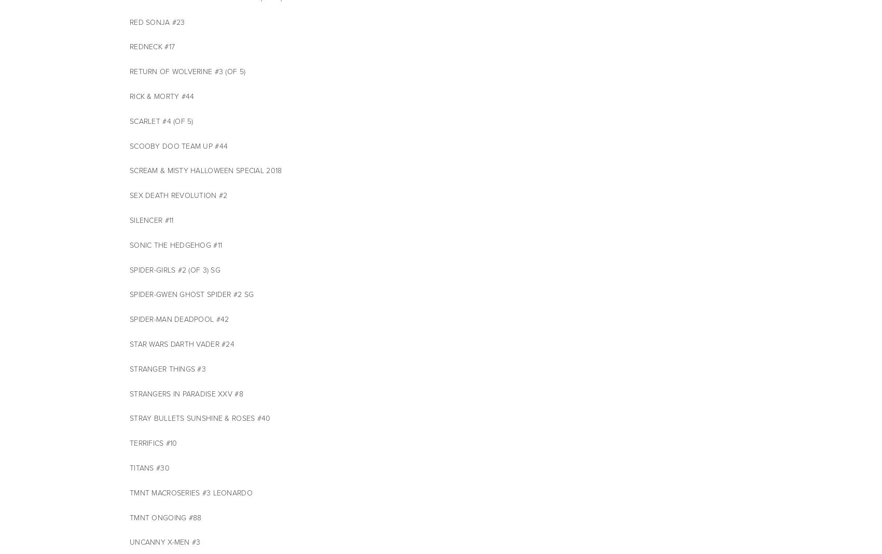 This screenshot has height=554, width=882. I want to click on 'SCARLET #4 (OF 5)', so click(162, 120).